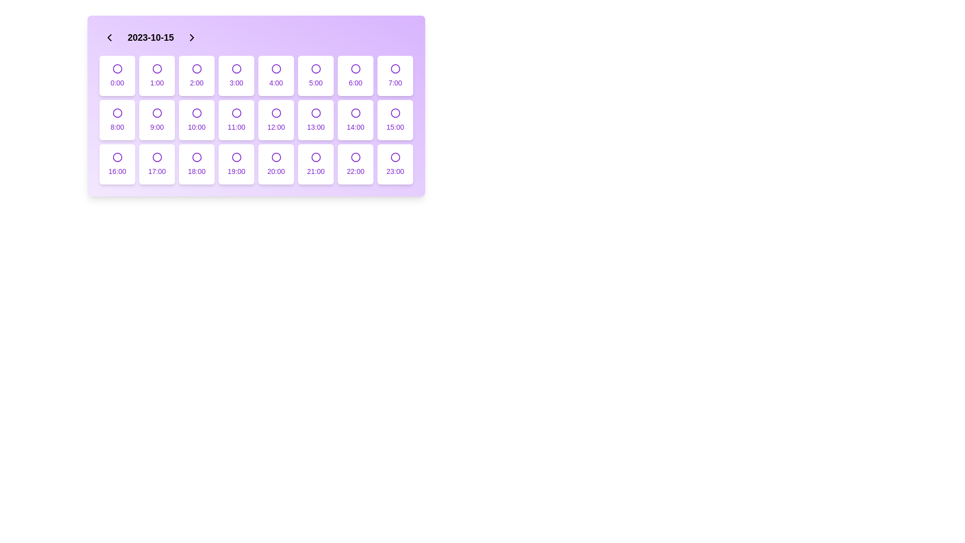  I want to click on the interactive grid tile representing the time slot 23:00 (11:00 PM), so click(395, 164).